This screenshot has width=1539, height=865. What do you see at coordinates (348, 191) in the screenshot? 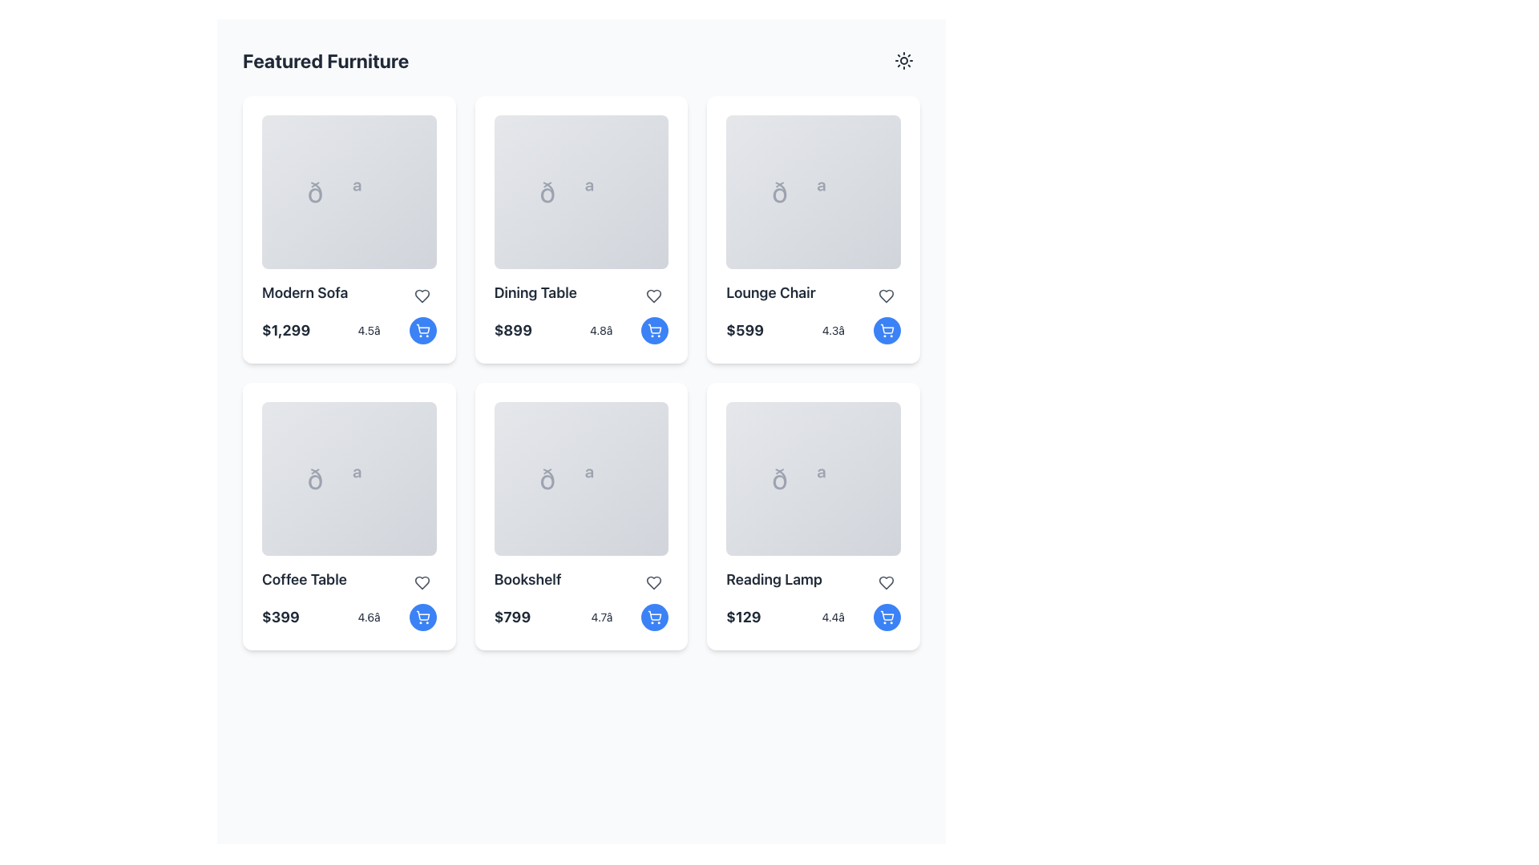
I see `the image placeholder for the 'Modern Sofa' card located in the upper-left section of the grid layout under the 'Featured Furniture' heading` at bounding box center [348, 191].